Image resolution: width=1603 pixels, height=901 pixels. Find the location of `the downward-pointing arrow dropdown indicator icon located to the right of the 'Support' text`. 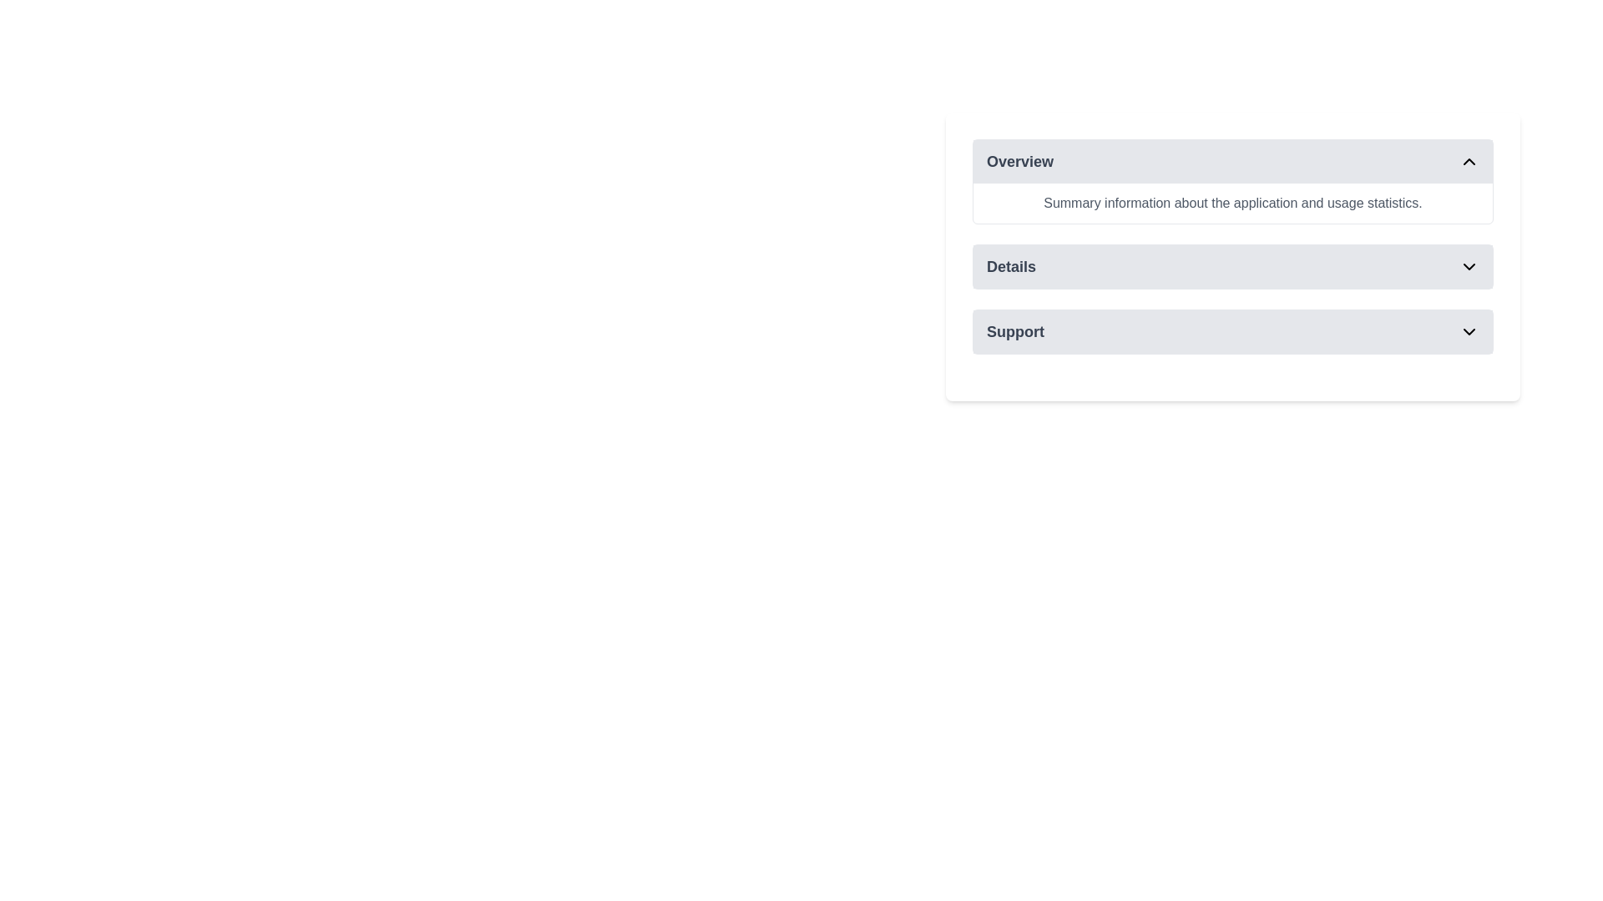

the downward-pointing arrow dropdown indicator icon located to the right of the 'Support' text is located at coordinates (1469, 331).